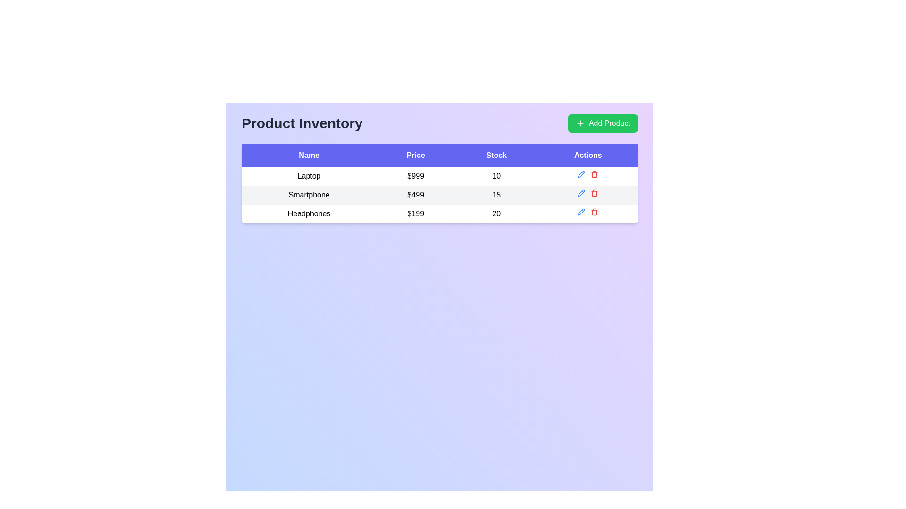 This screenshot has width=906, height=509. Describe the element at coordinates (581, 212) in the screenshot. I see `the blue pencil icon indicating edit functionality, located in the last row of the table within the 'Actions' column, second from the left, adjacent to the red trashcan icon` at that location.